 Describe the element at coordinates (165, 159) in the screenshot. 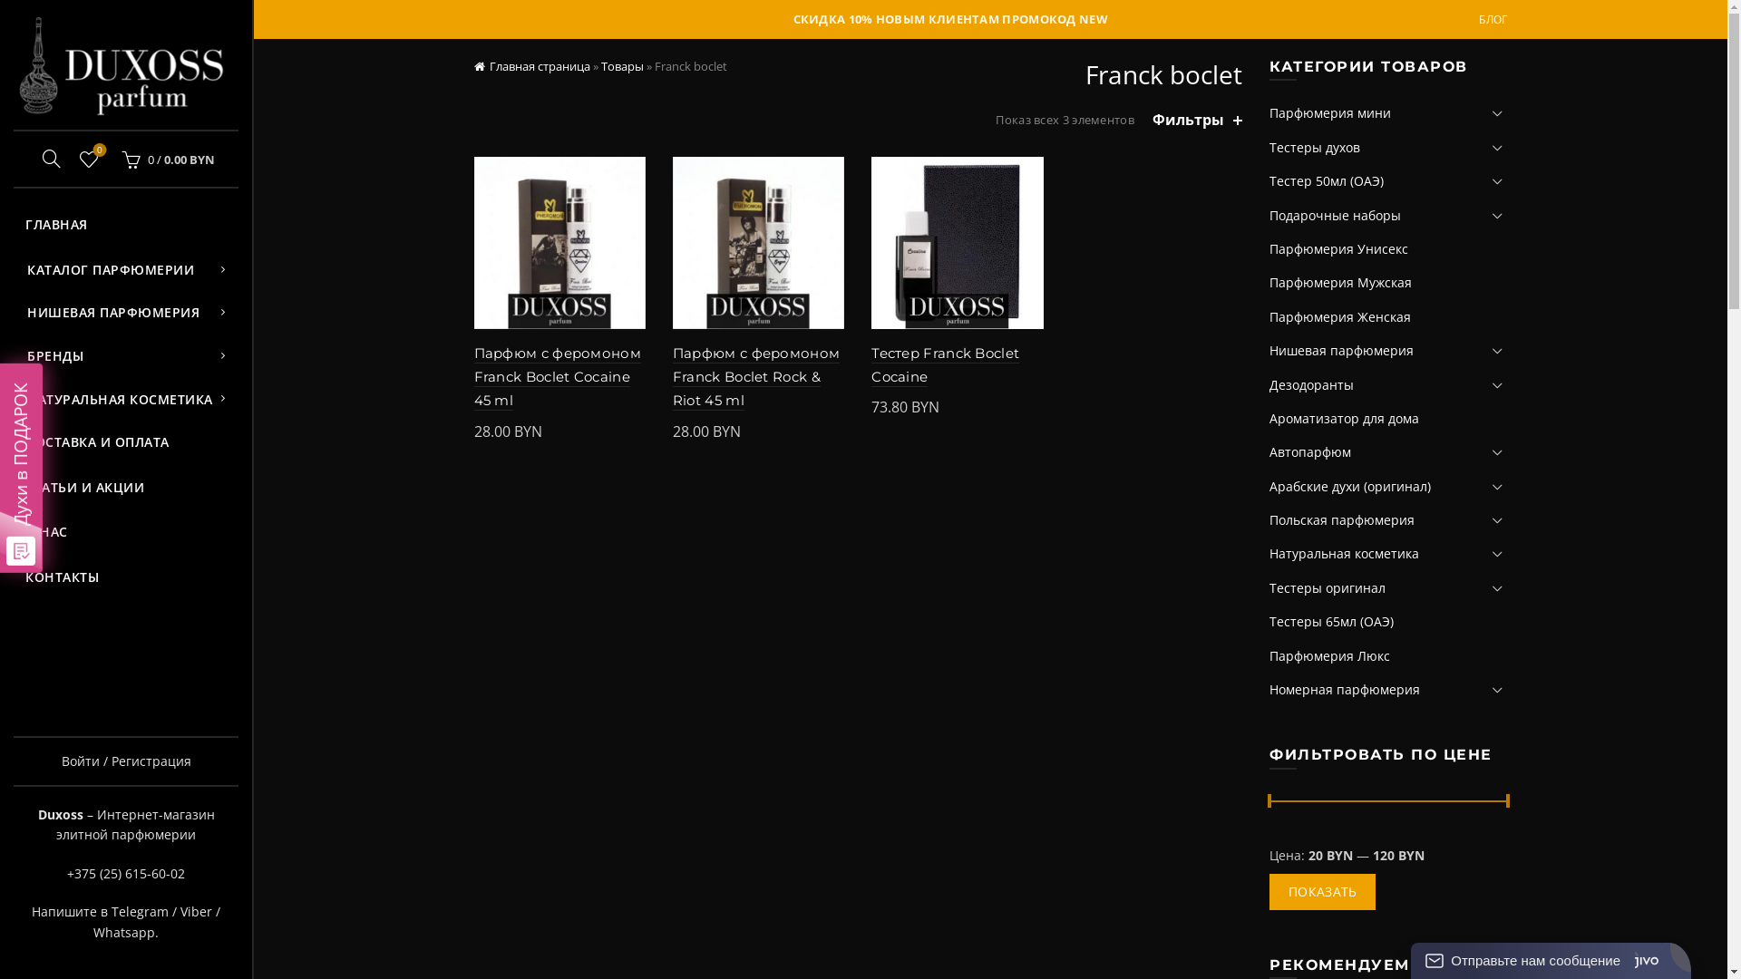

I see `'0 / 0.00 BYN'` at that location.